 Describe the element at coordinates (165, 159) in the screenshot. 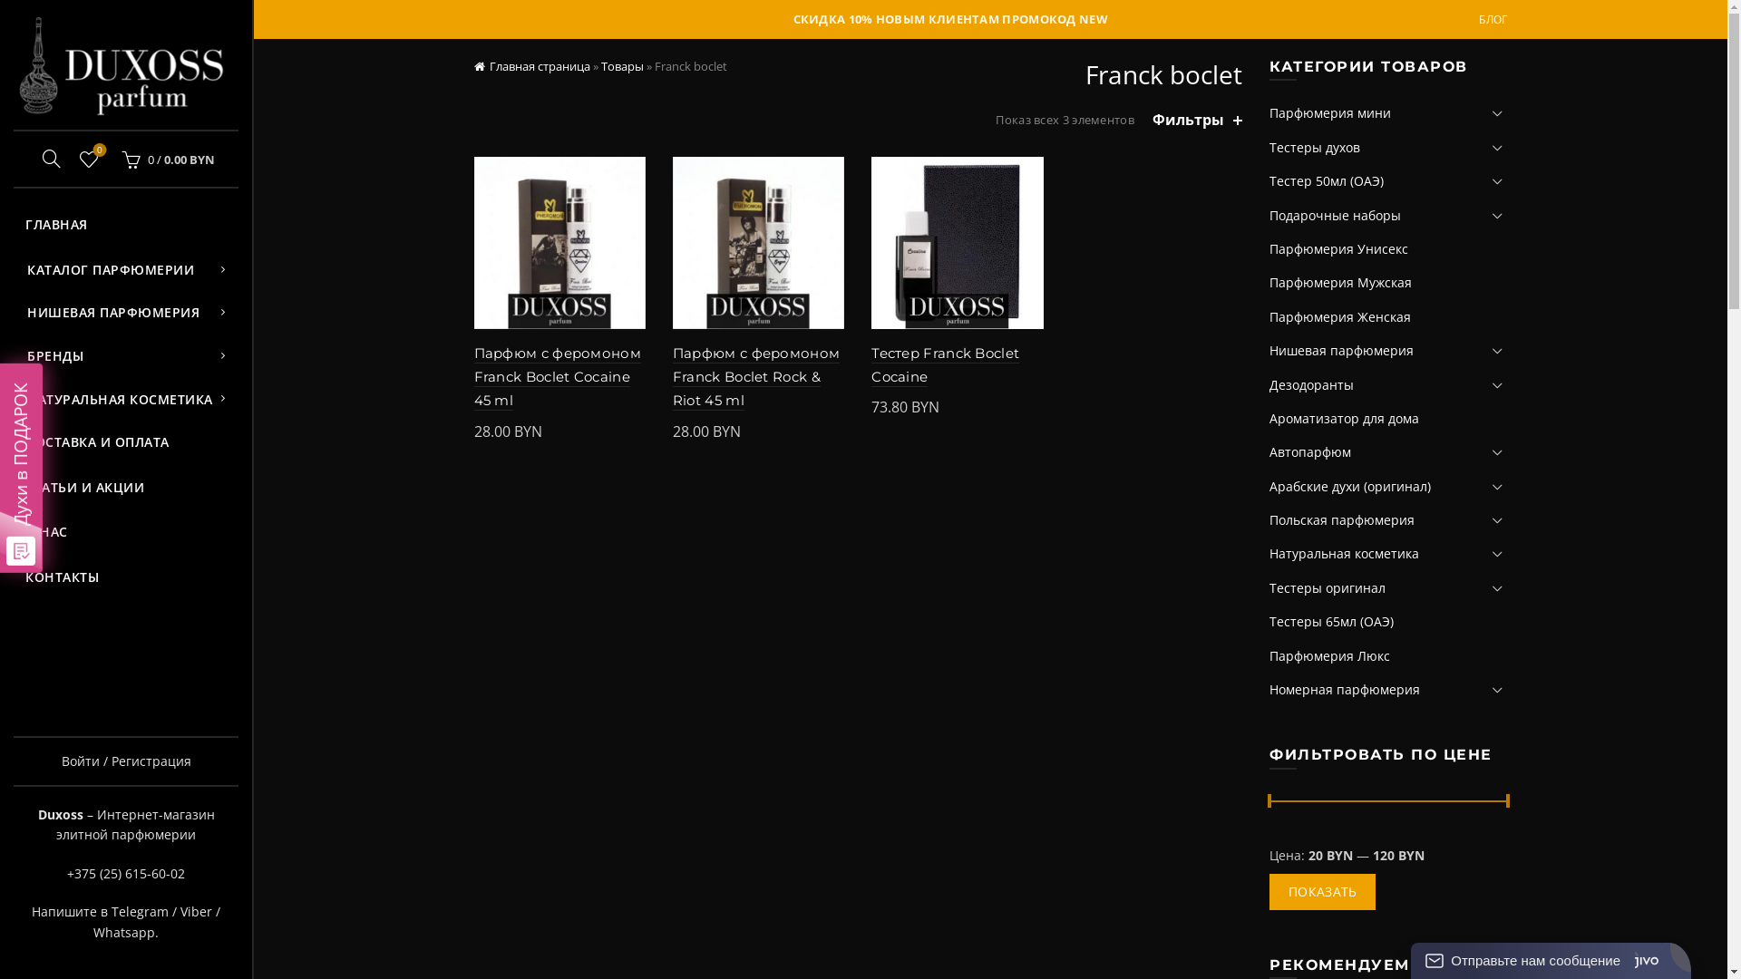

I see `'0 / 0.00 BYN'` at that location.